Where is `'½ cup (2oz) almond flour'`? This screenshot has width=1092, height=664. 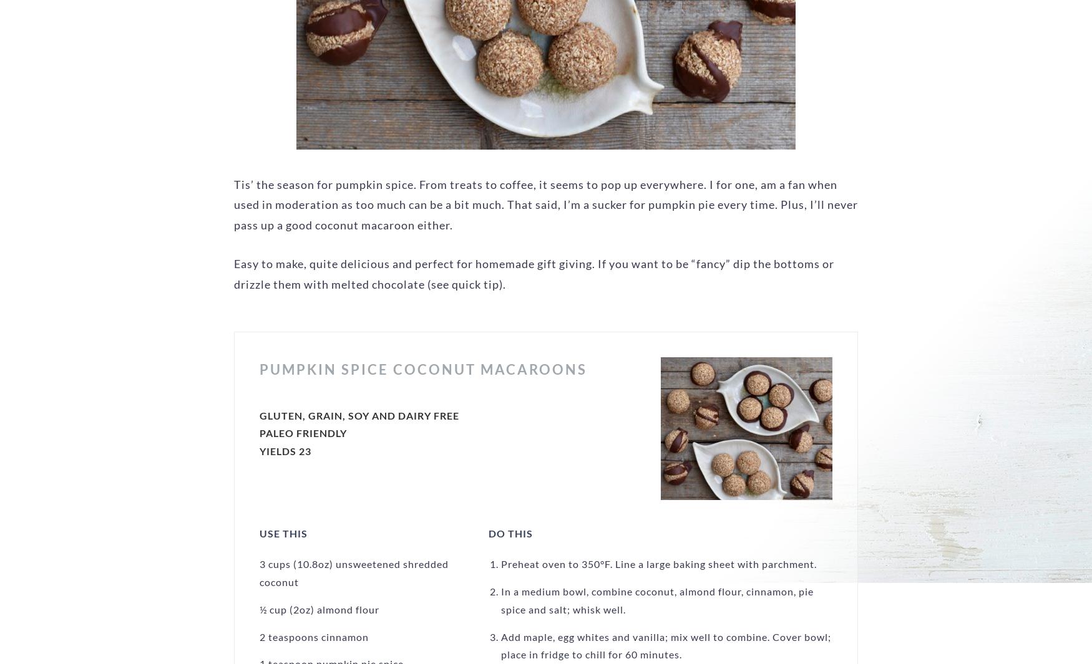
'½ cup (2oz) almond flour' is located at coordinates (319, 609).